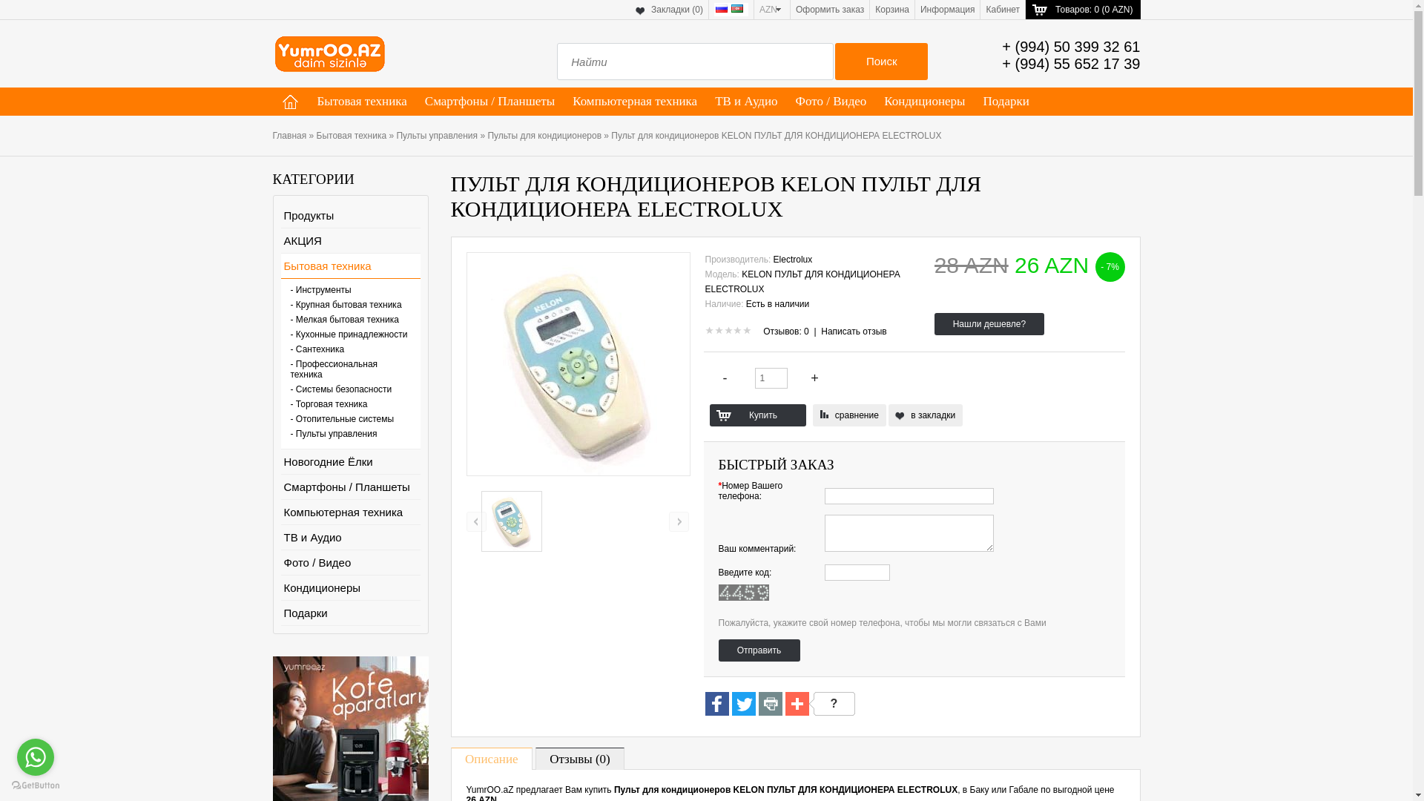 This screenshot has height=801, width=1424. Describe the element at coordinates (731, 702) in the screenshot. I see `'Twitter'` at that location.